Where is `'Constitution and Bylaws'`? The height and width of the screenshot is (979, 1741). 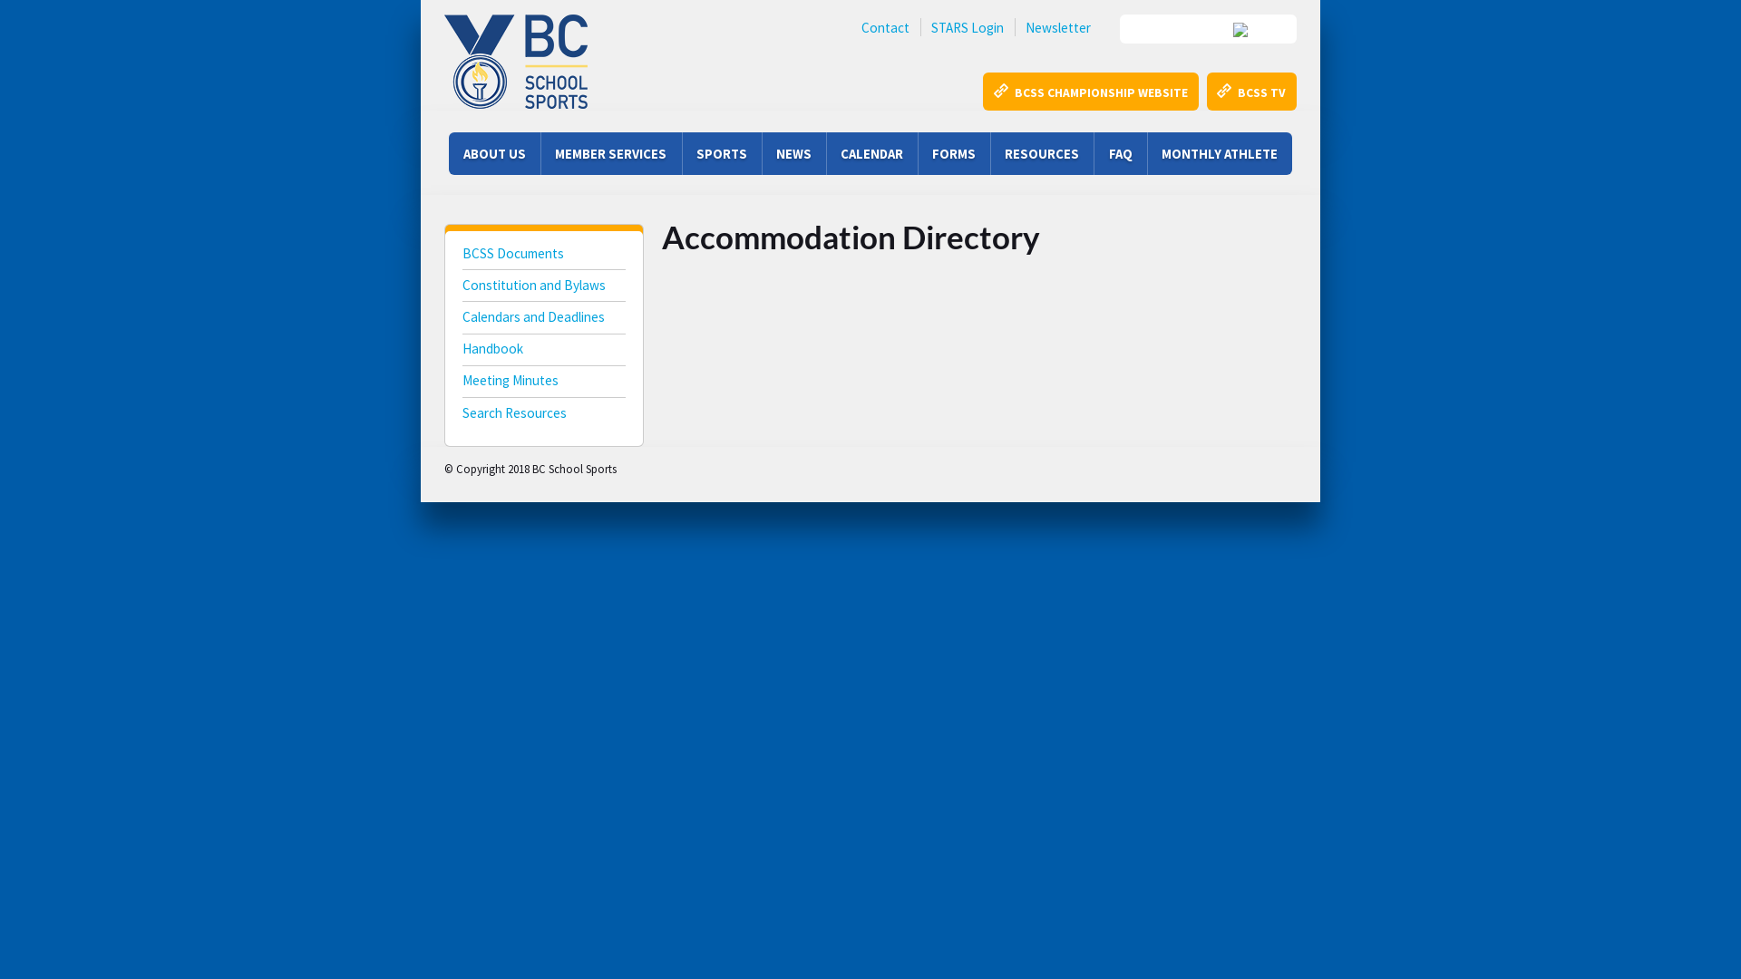
'Constitution and Bylaws' is located at coordinates (543, 286).